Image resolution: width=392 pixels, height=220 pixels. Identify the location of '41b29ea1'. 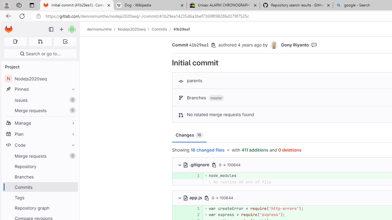
(181, 29).